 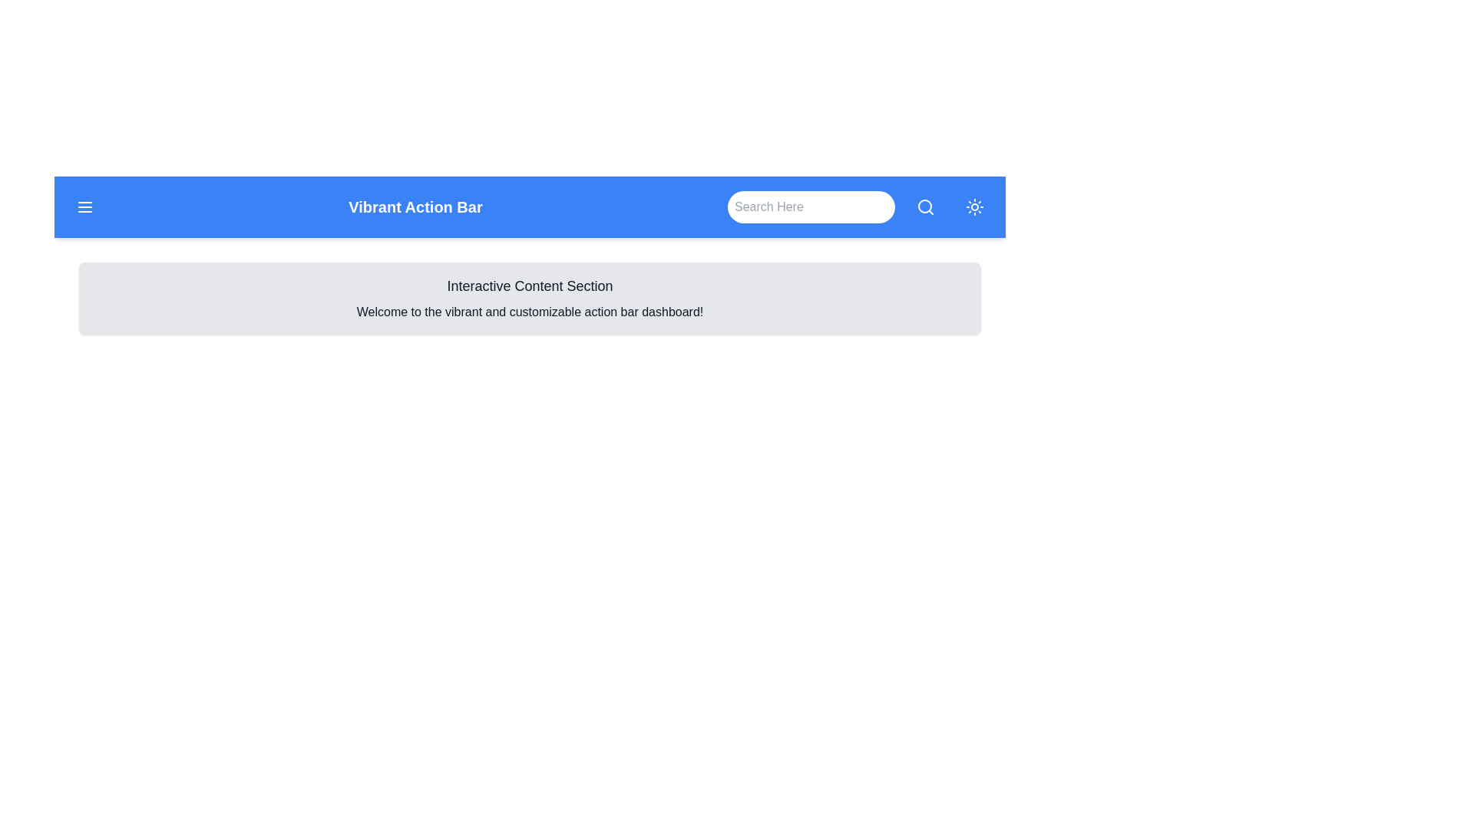 I want to click on the search input field and type the text 'example search', so click(x=810, y=207).